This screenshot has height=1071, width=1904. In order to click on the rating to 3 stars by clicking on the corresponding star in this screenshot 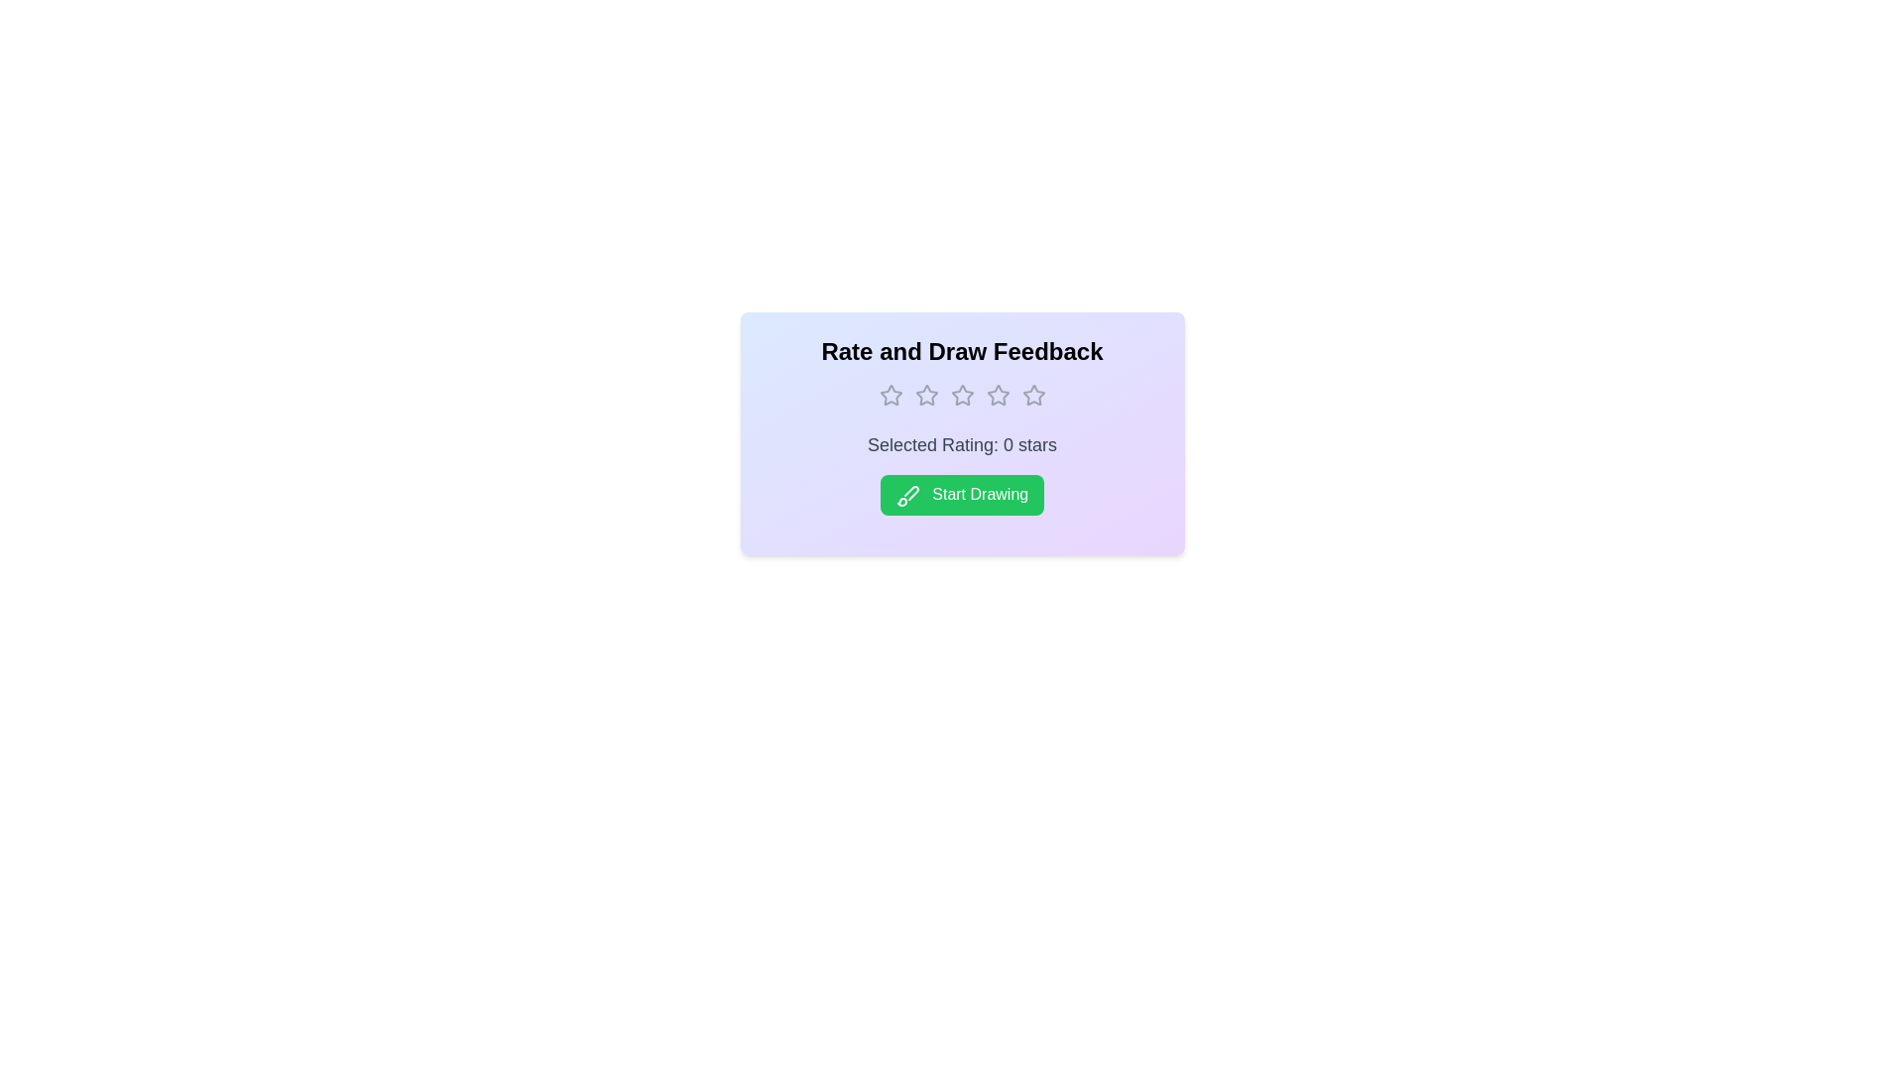, I will do `click(962, 395)`.